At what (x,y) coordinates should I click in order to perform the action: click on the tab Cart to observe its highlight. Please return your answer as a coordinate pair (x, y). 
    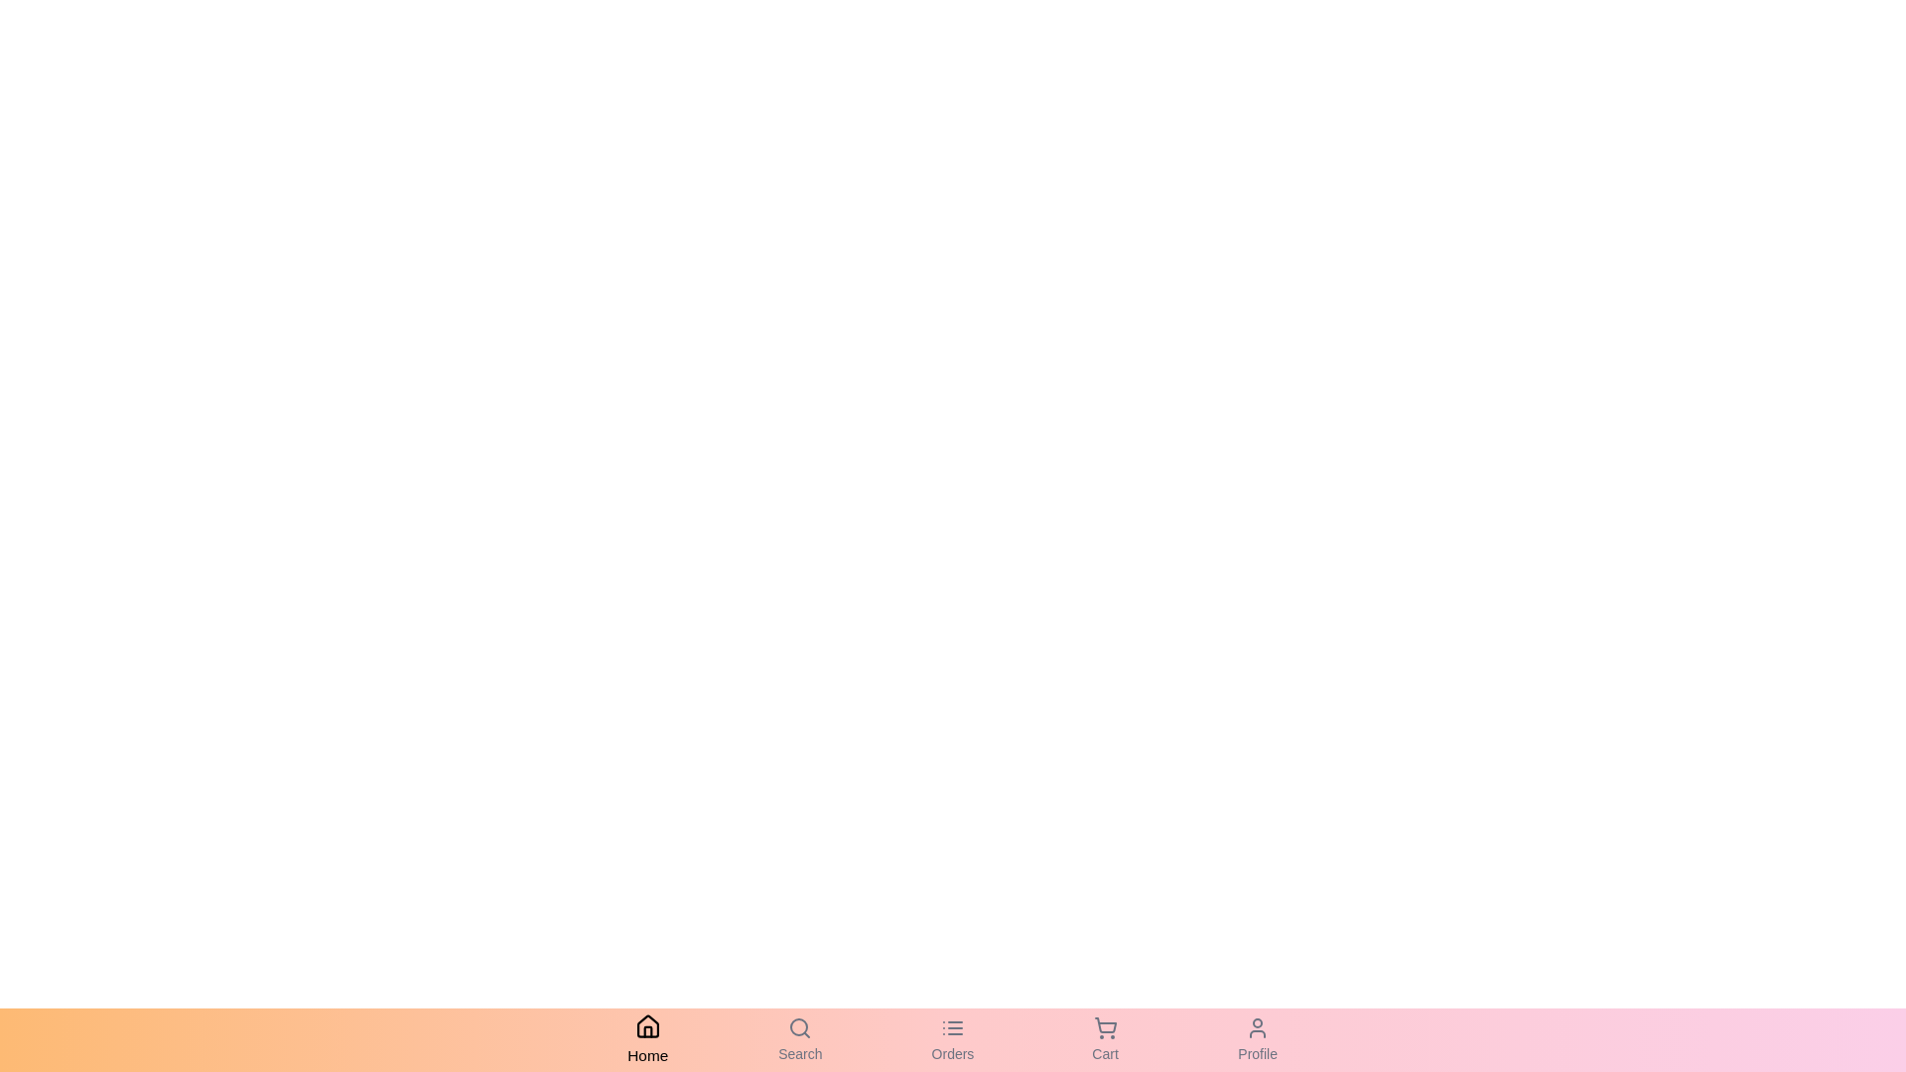
    Looking at the image, I should click on (1104, 1039).